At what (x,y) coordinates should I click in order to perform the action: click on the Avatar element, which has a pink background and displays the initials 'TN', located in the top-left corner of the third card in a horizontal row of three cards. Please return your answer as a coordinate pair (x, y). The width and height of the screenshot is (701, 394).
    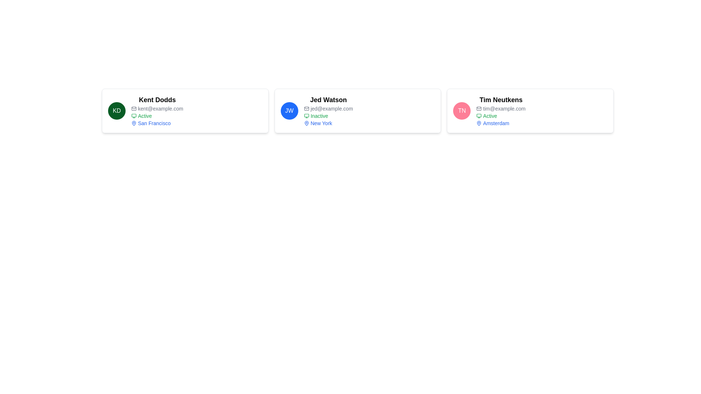
    Looking at the image, I should click on (461, 111).